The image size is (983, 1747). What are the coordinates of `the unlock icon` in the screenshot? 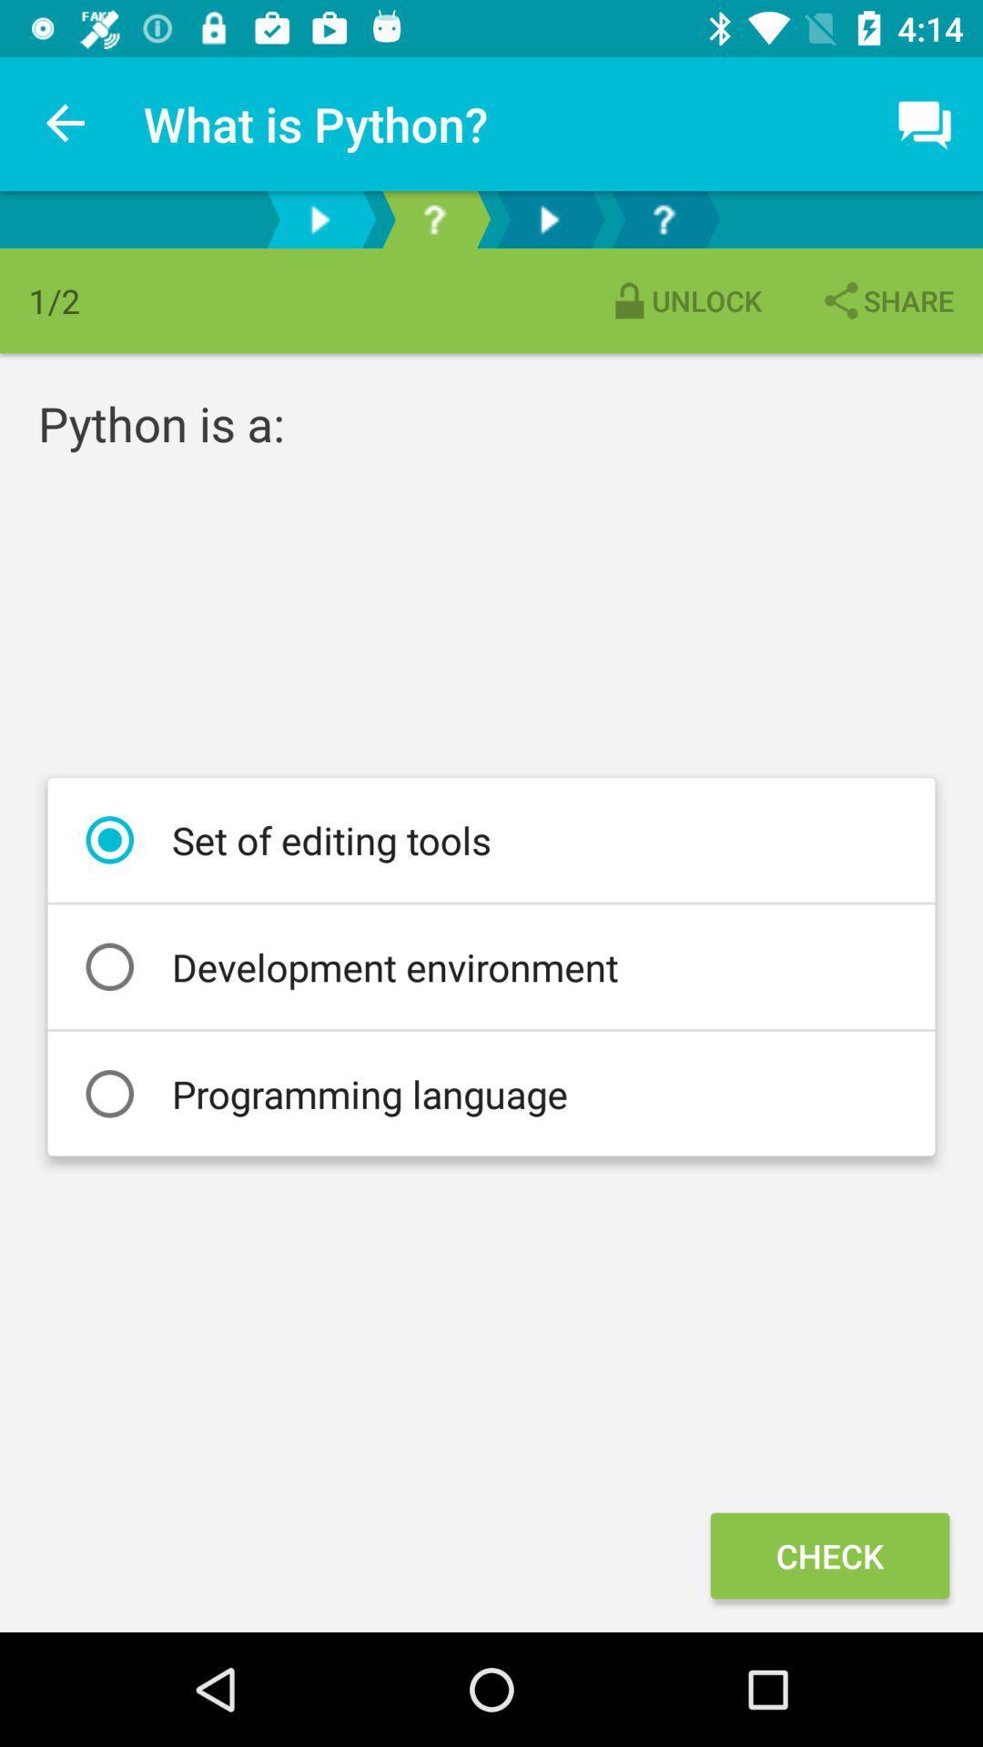 It's located at (684, 300).